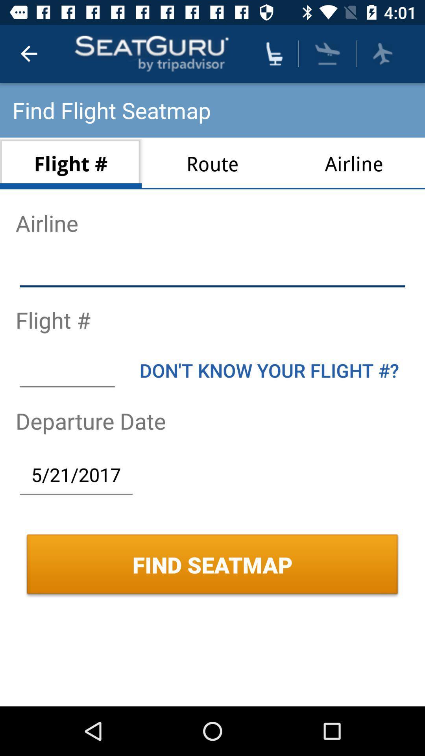 Image resolution: width=425 pixels, height=756 pixels. Describe the element at coordinates (76, 474) in the screenshot. I see `5/21/2017 item` at that location.